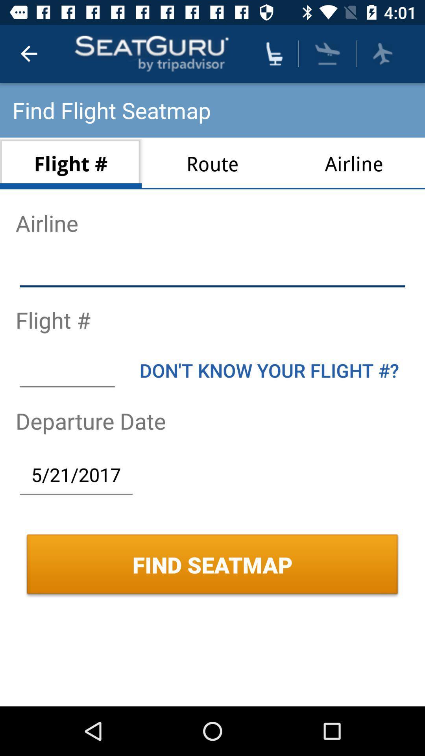 Image resolution: width=425 pixels, height=756 pixels. Describe the element at coordinates (76, 474) in the screenshot. I see `5/21/2017 item` at that location.